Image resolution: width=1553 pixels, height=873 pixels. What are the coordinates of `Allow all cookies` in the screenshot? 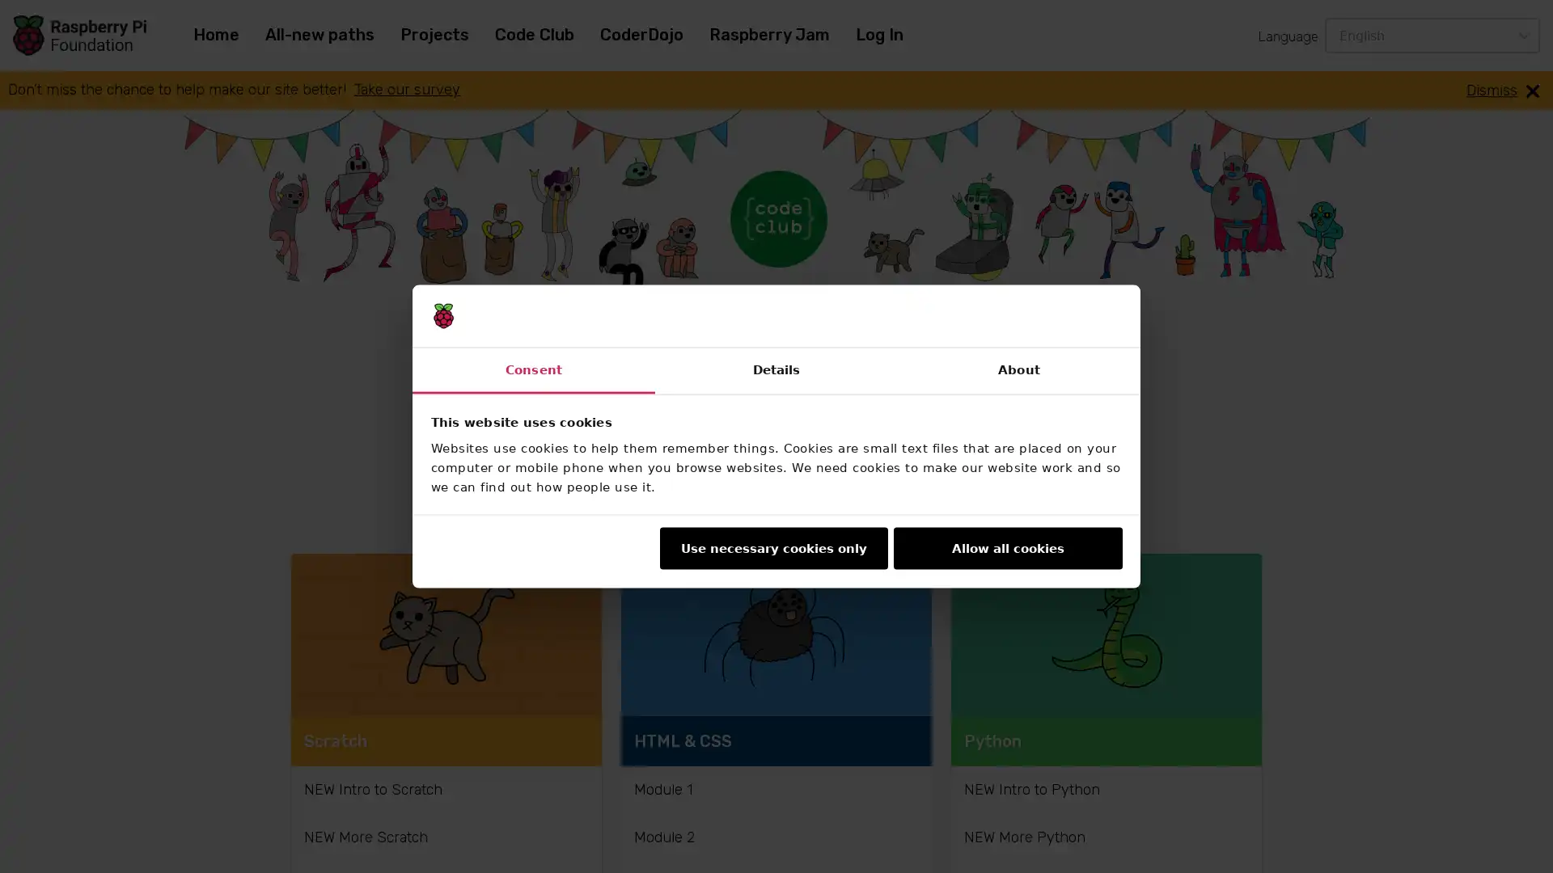 It's located at (1007, 547).